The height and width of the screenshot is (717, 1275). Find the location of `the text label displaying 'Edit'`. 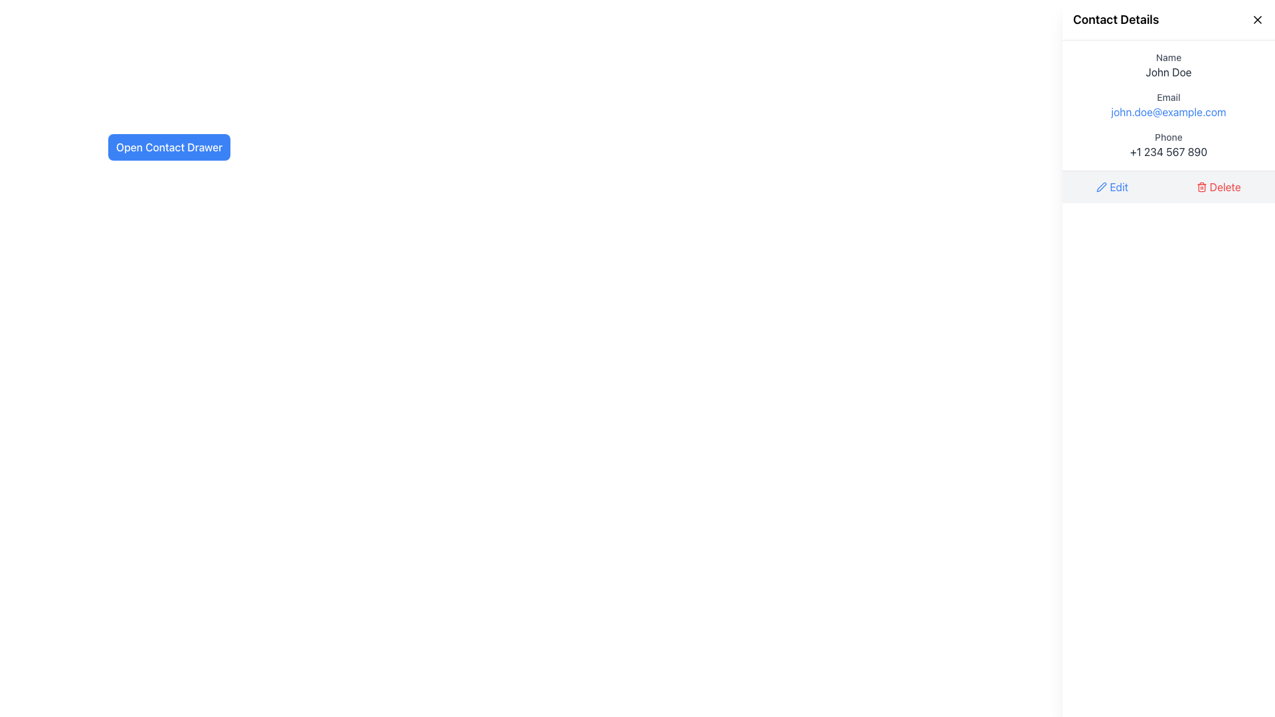

the text label displaying 'Edit' is located at coordinates (1118, 187).